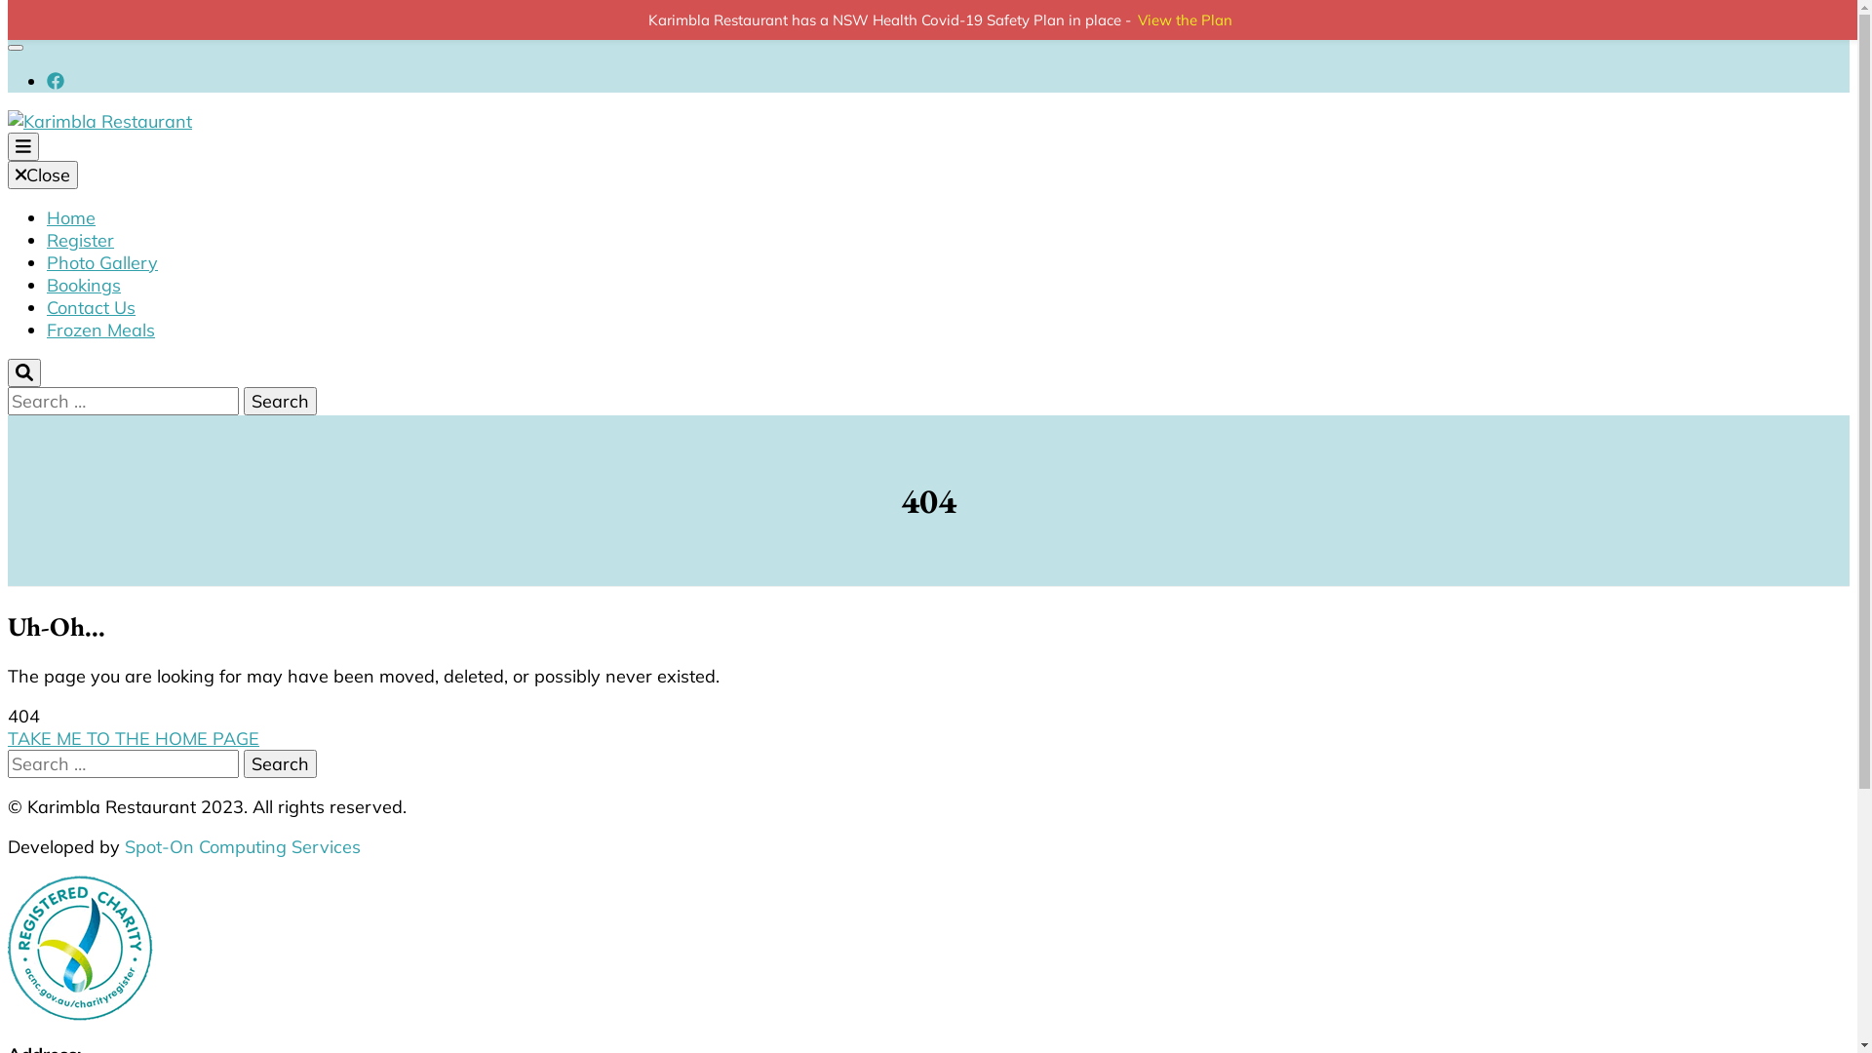  I want to click on 'View the Plan', so click(1184, 19).